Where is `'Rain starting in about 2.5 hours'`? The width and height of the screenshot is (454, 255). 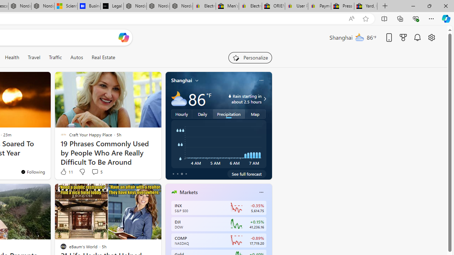 'Rain starting in about 2.5 hours' is located at coordinates (264, 99).